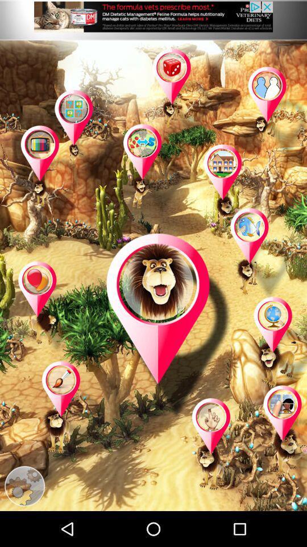 This screenshot has width=307, height=547. I want to click on the settings icon, so click(24, 520).